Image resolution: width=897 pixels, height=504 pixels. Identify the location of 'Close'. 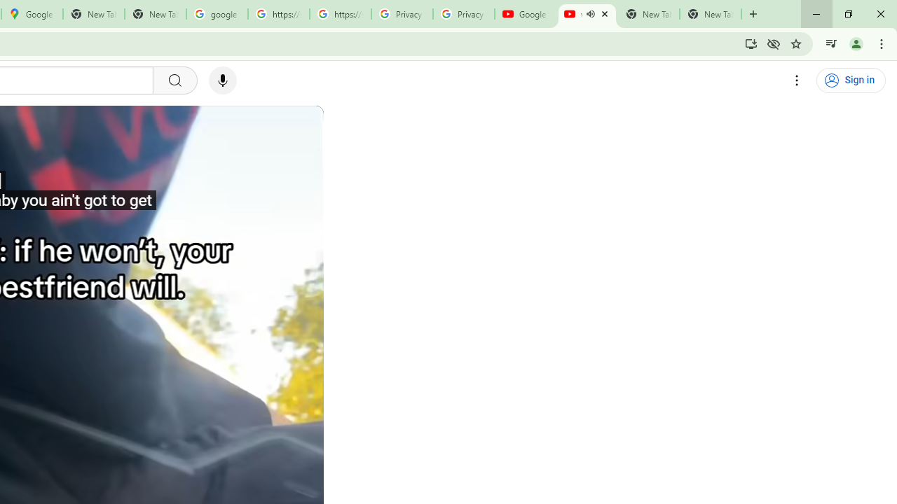
(604, 13).